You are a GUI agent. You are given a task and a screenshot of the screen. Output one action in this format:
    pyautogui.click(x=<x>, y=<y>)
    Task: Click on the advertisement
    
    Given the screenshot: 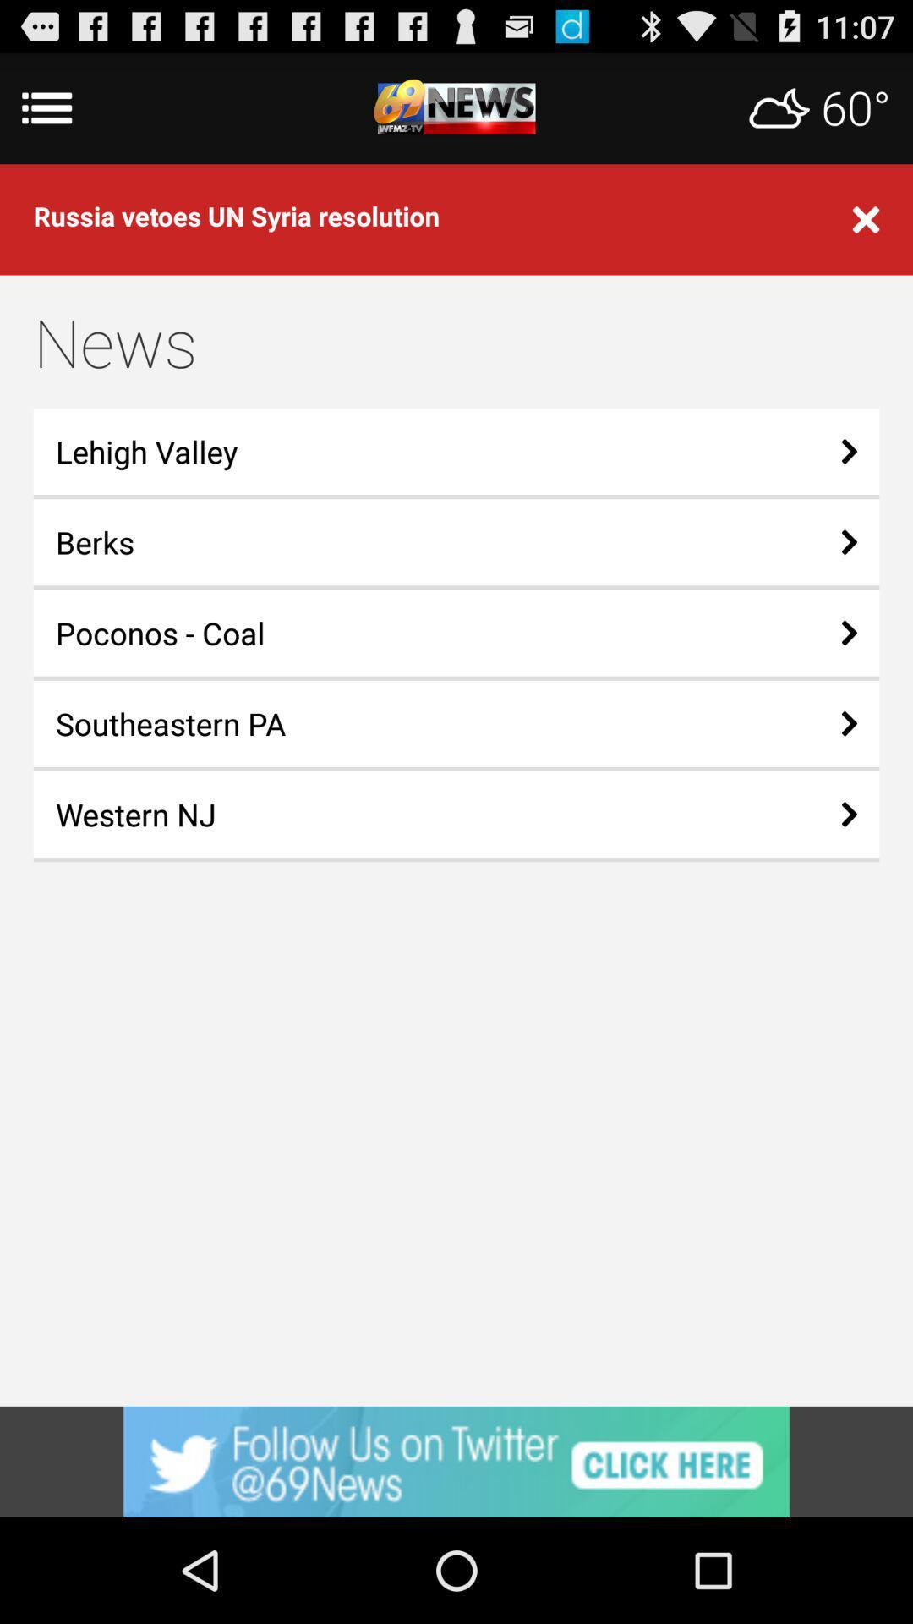 What is the action you would take?
    pyautogui.click(x=456, y=1461)
    